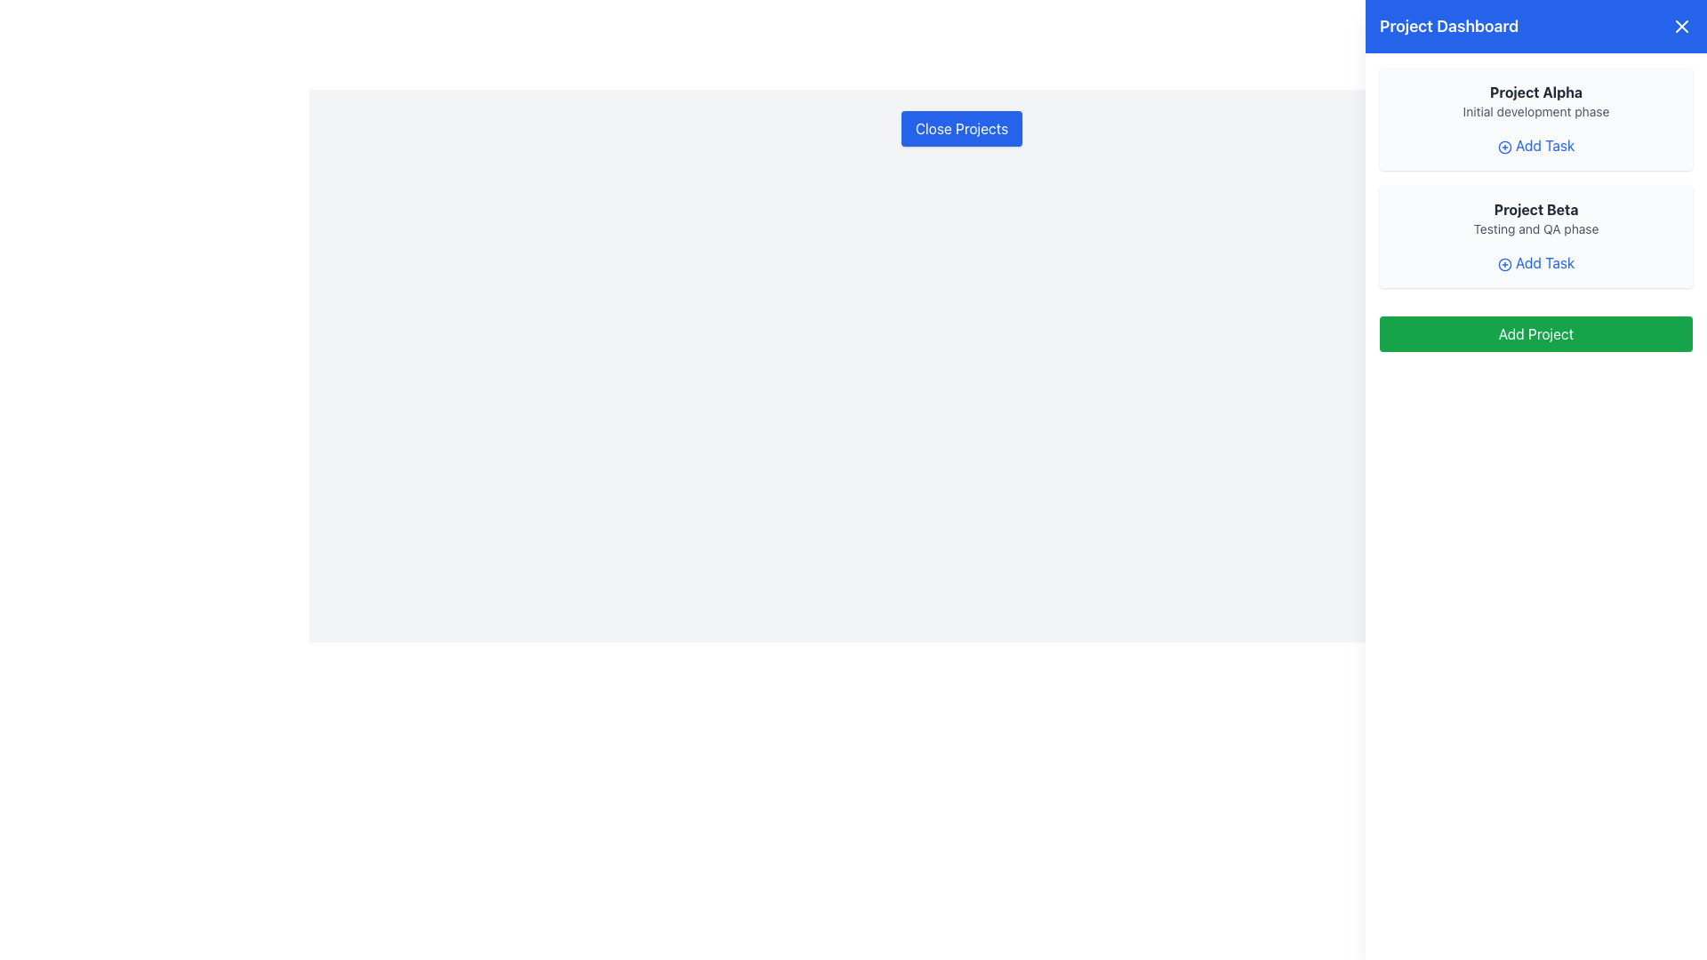 Image resolution: width=1707 pixels, height=960 pixels. I want to click on the 'Add Task' clickable link with icon located in the lower section of the 'Project Beta' card in the 'Project Dashboard' to underline the text, so click(1535, 263).